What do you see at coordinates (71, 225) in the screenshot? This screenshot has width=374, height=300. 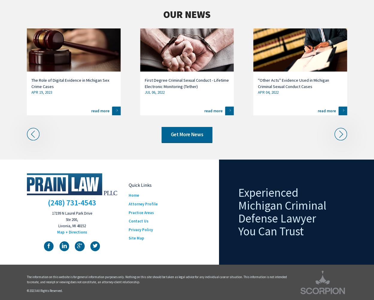 I see `','` at bounding box center [71, 225].